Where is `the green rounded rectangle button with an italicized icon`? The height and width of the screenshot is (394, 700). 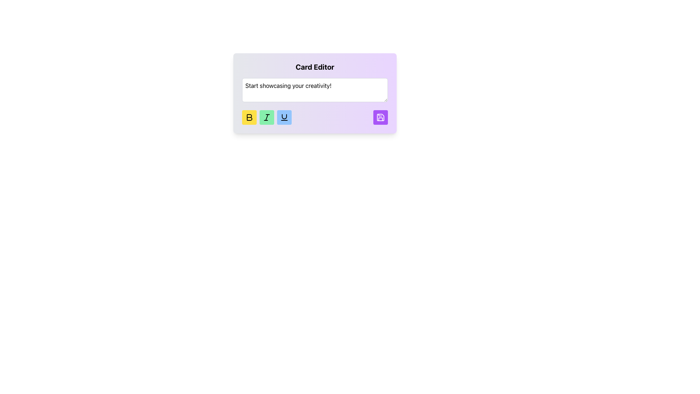
the green rounded rectangle button with an italicized icon is located at coordinates (266, 117).